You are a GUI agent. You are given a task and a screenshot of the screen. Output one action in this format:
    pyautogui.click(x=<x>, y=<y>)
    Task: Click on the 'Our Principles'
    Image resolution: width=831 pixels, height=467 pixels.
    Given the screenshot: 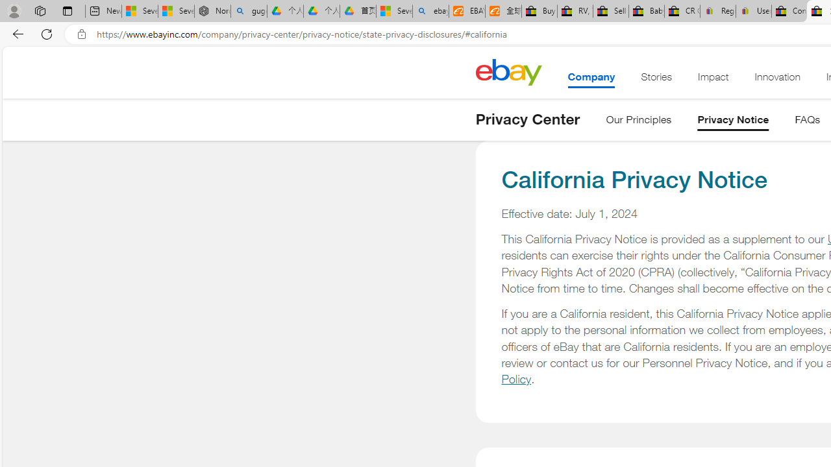 What is the action you would take?
    pyautogui.click(x=639, y=122)
    